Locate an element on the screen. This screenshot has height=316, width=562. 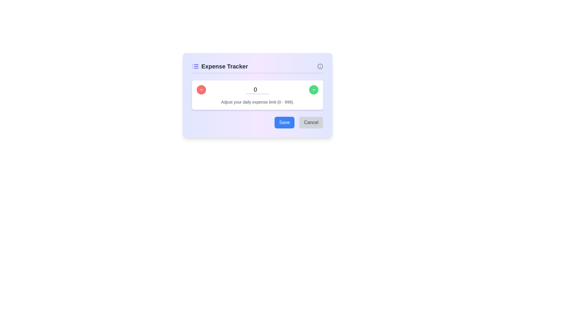
the informational icon located in the header section of the 'Expense Tracker' card, positioned towards the right end adjacent to the card's right border is located at coordinates (320, 66).